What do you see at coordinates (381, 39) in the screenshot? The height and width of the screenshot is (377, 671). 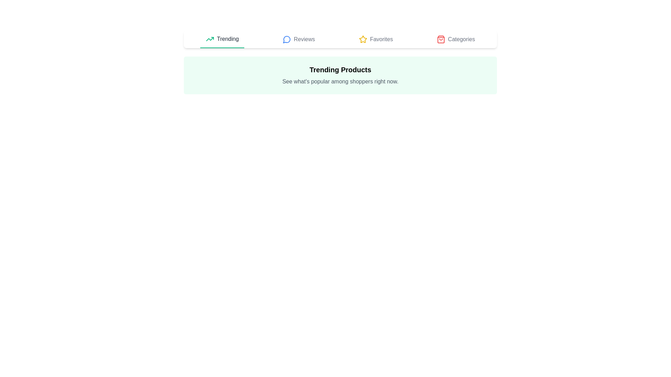 I see `the 'Favorites' text label, which is positioned to the right of the star icon in the navigation items group` at bounding box center [381, 39].